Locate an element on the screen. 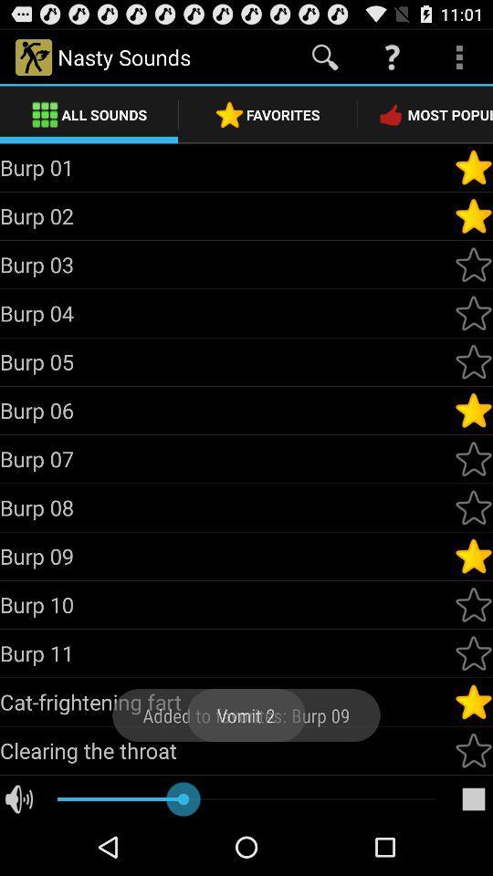 The image size is (493, 876). burp 10 is located at coordinates (473, 604).